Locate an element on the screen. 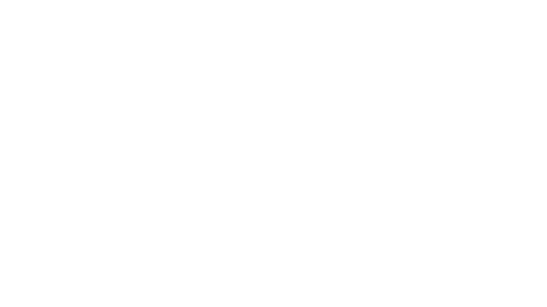 Image resolution: width=547 pixels, height=307 pixels. Suivant is located at coordinates (435, 163).